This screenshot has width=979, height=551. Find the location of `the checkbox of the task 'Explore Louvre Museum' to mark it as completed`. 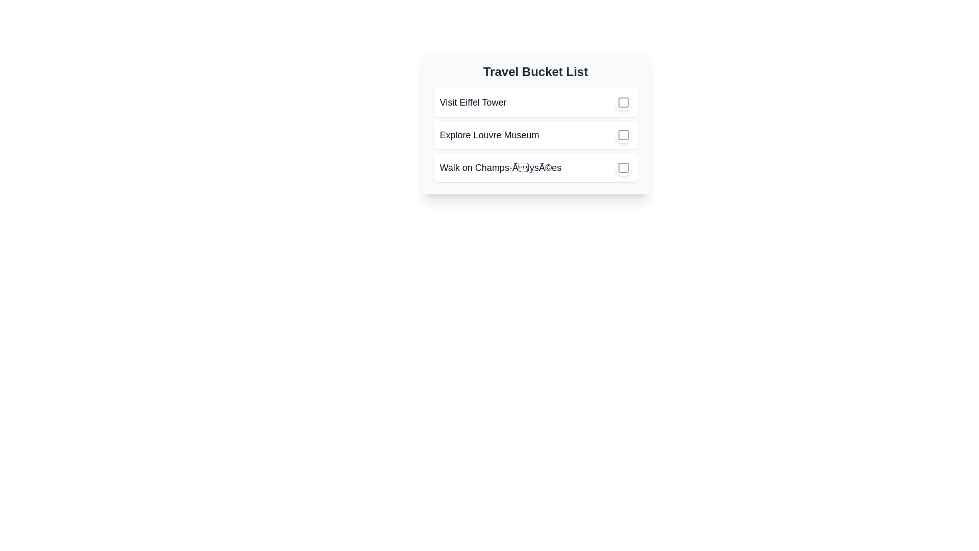

the checkbox of the task 'Explore Louvre Museum' to mark it as completed is located at coordinates (623, 135).